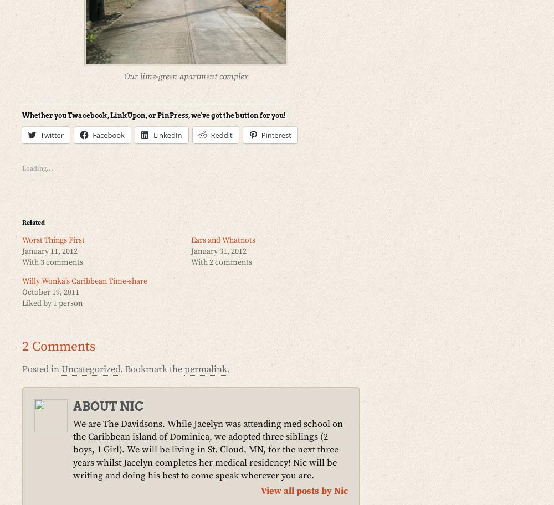 Image resolution: width=554 pixels, height=505 pixels. I want to click on 'We are The Davidsons. While Jacelyn was attending med school on the Caribbean island of Dominica, we adopted three siblings (2 boys, 1 Girl). We will be living in St. Cloud, MN, for the next three years whilst Jacelyn completes her medical residency! Nic will be writing and doing his best to come speak wherever you are.', so click(208, 449).